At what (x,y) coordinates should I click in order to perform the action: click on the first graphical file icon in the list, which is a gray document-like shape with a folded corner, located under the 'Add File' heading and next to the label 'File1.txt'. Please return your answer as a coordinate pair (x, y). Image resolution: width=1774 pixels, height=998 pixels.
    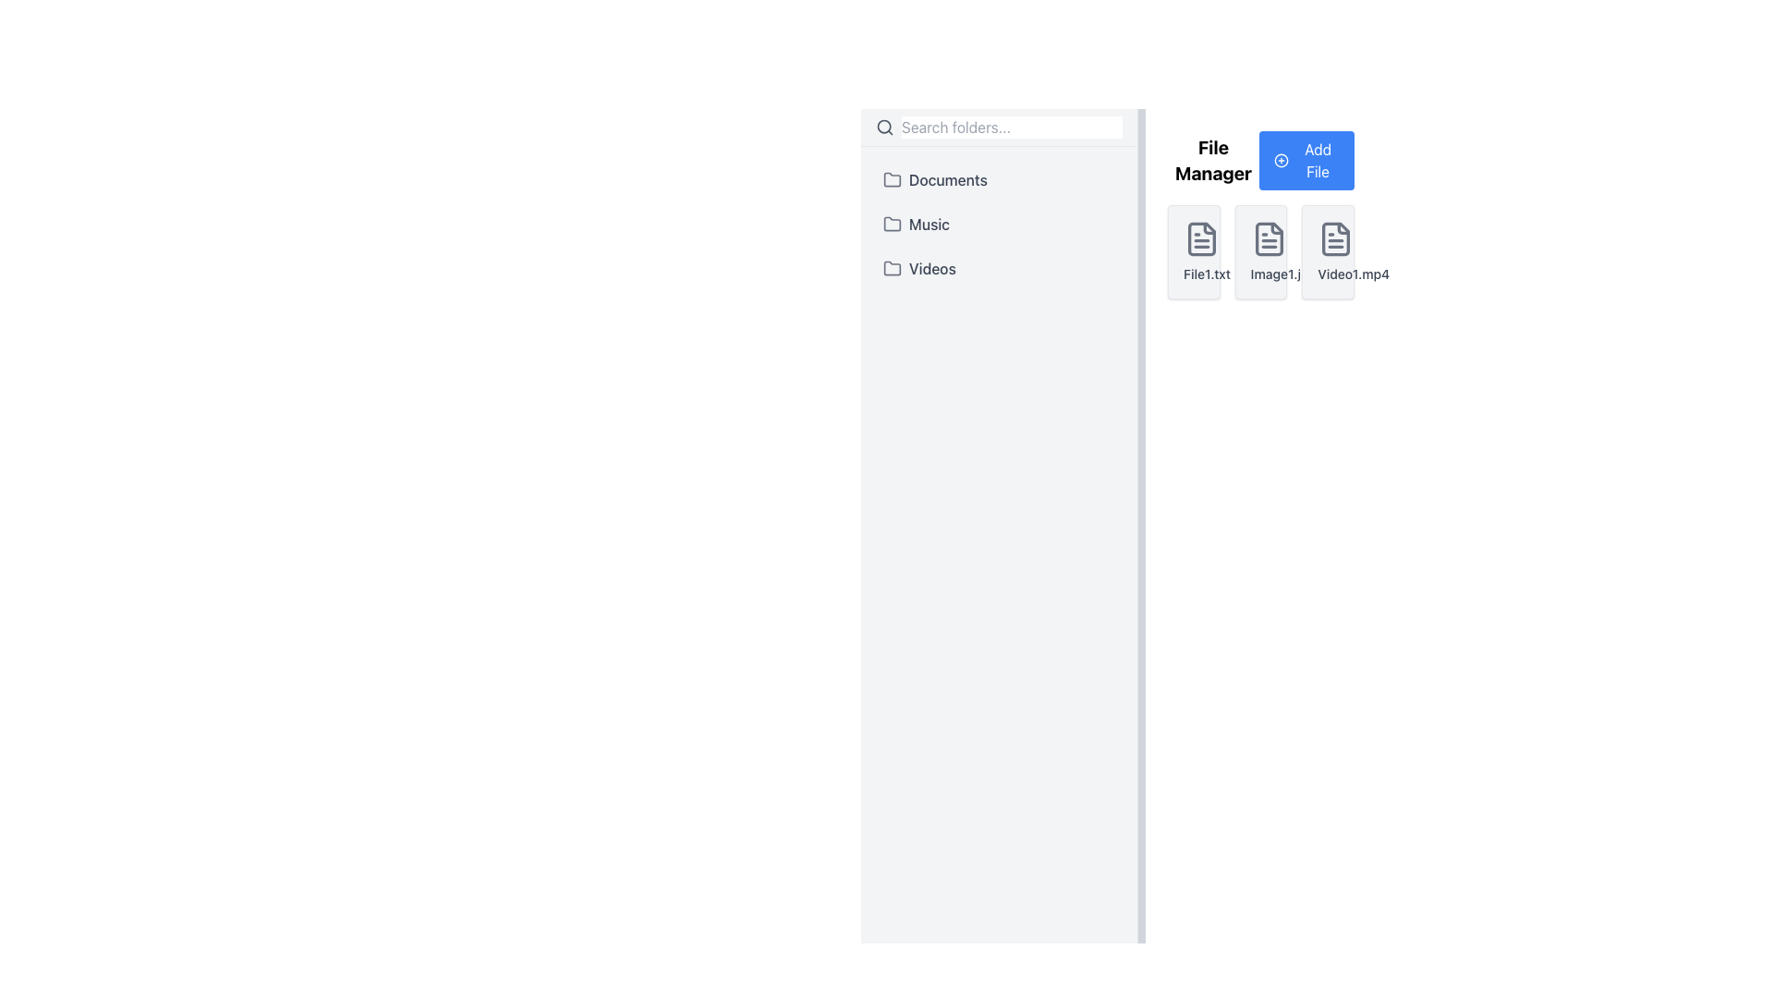
    Looking at the image, I should click on (1201, 237).